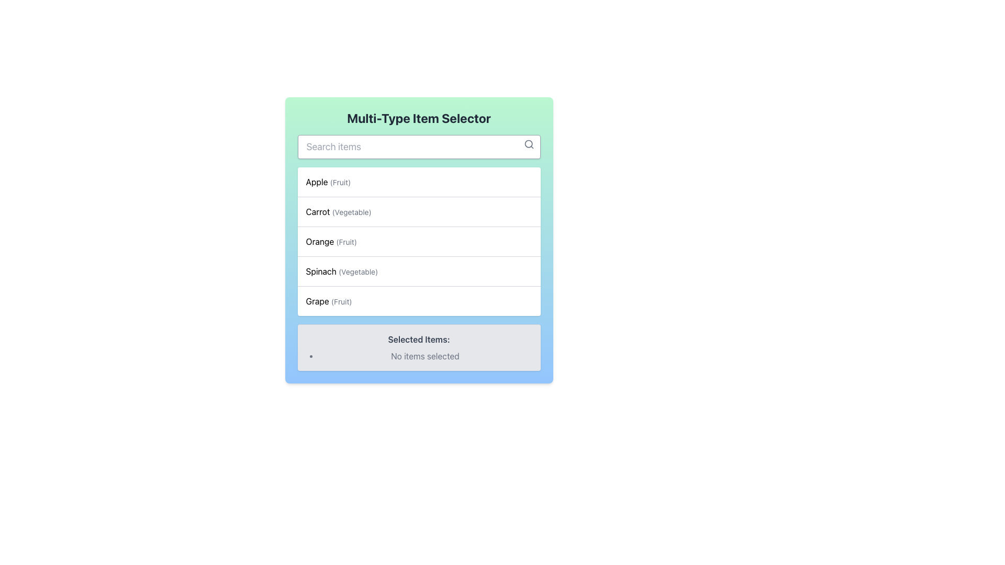 This screenshot has height=565, width=1005. I want to click on the fourth selectable item in the list, which is located between 'Orange (Fruit)' and 'Grape (Fruit)', so click(419, 270).